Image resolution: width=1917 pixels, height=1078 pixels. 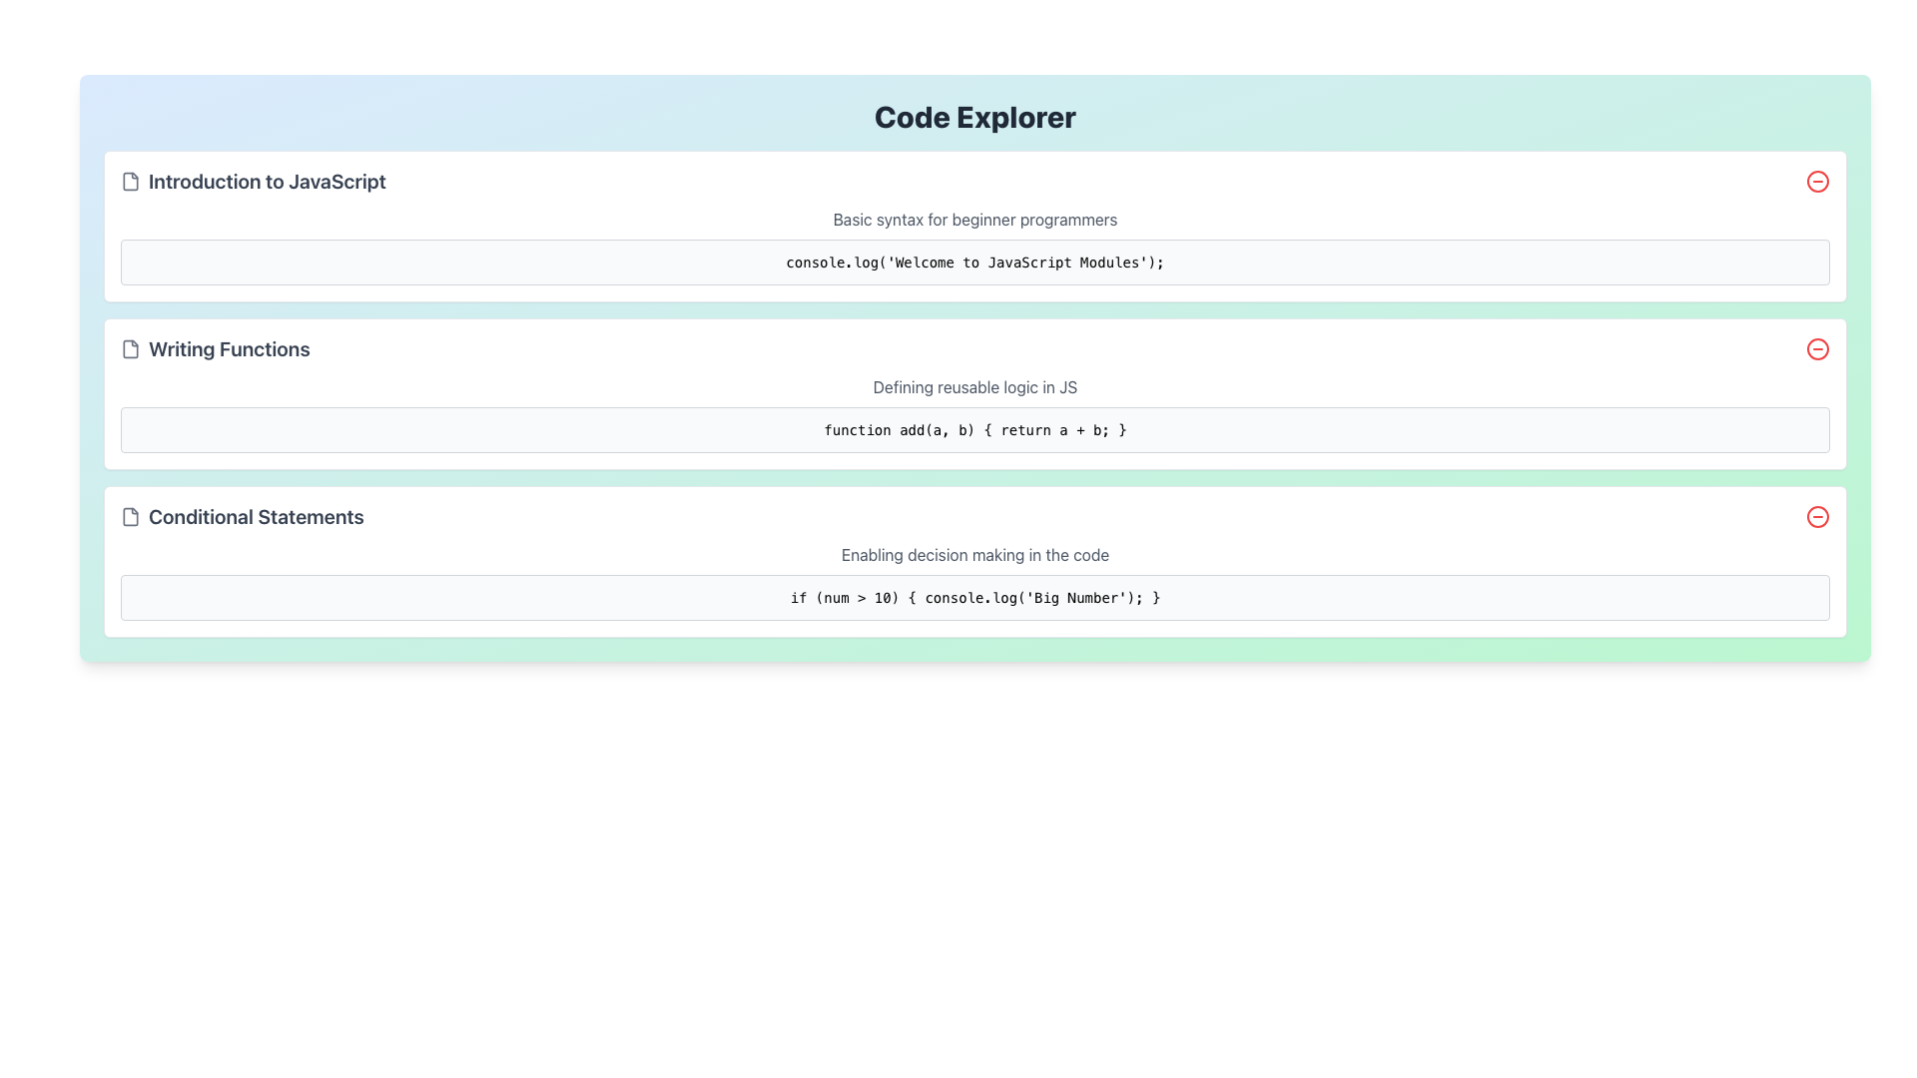 What do you see at coordinates (975, 219) in the screenshot?
I see `static text label that reads 'Basic syntax for beginner programmers.' located in the 'Introduction to JavaScript' section` at bounding box center [975, 219].